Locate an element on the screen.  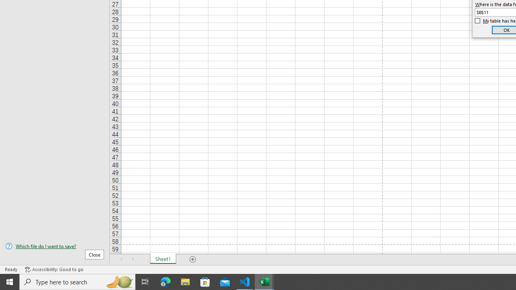
'Accessibility Checker Accessibility: Good to go' is located at coordinates (54, 269).